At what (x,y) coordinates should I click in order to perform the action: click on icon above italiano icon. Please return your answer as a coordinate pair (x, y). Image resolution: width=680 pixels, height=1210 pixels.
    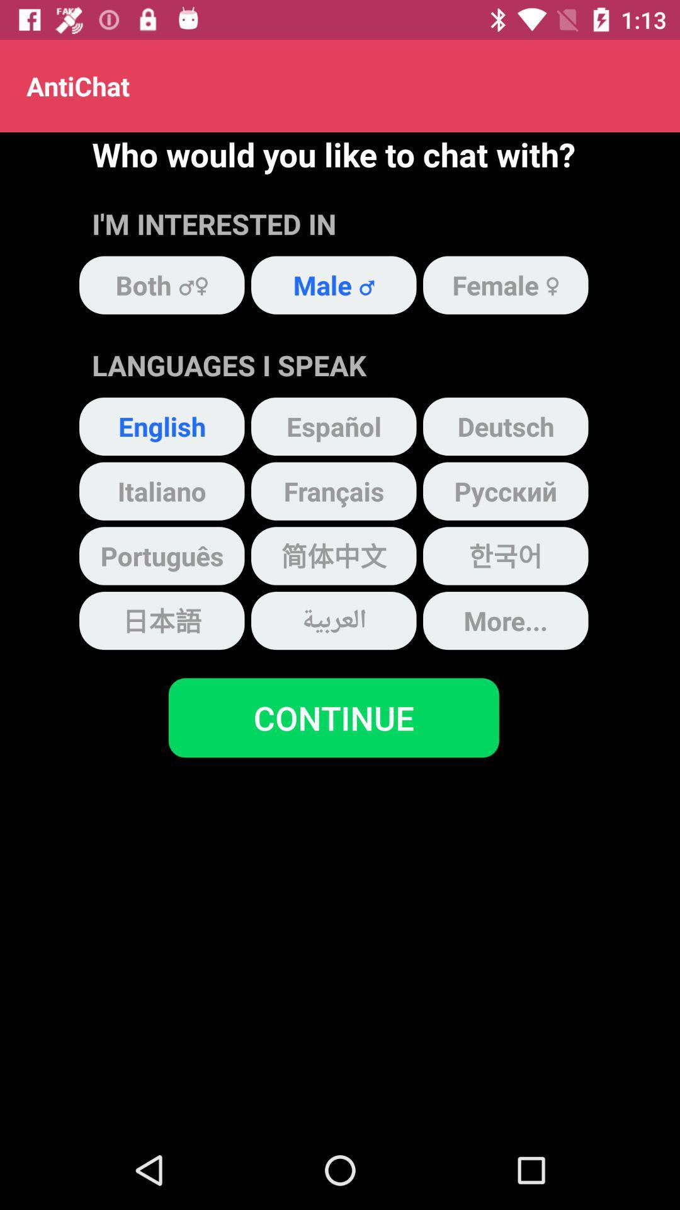
    Looking at the image, I should click on (161, 426).